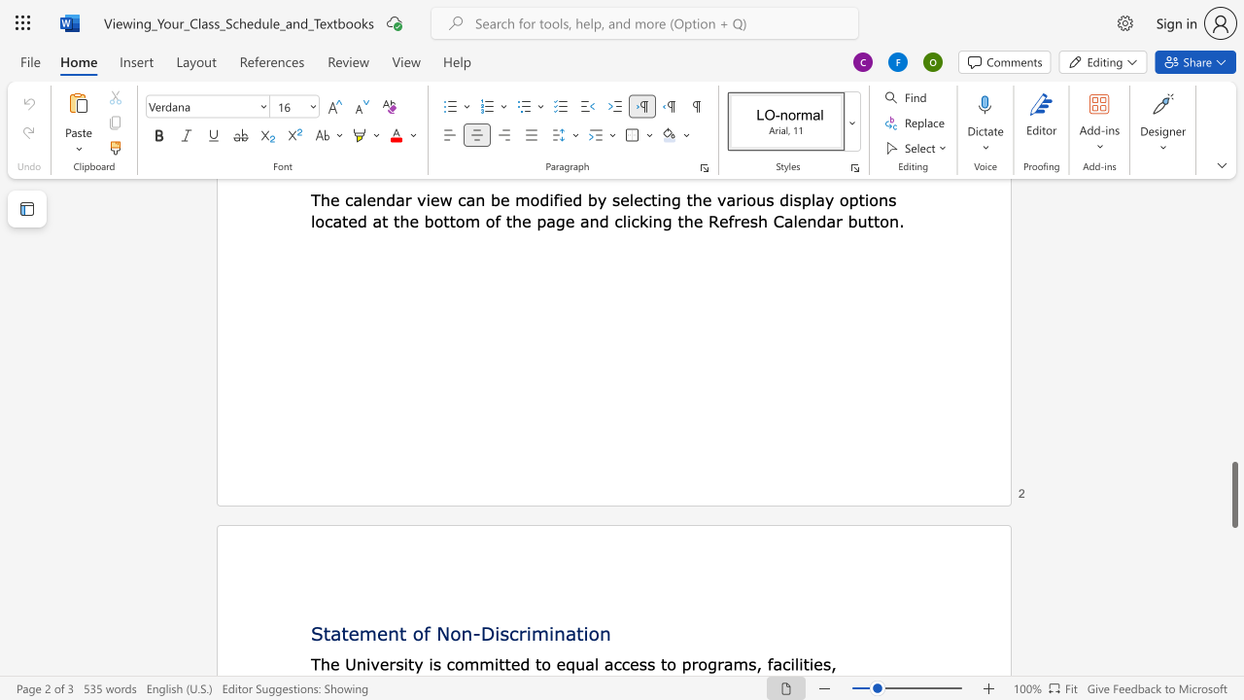  Describe the element at coordinates (1233, 406) in the screenshot. I see `the right-hand scrollbar to ascend the page` at that location.